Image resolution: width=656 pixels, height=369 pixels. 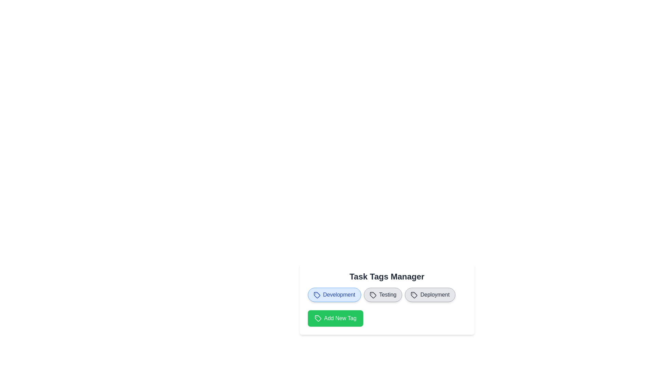 I want to click on the small price tag icon outlined in black, which is part of the button labeled 'Testing', located on the left side inside the button, so click(x=372, y=295).